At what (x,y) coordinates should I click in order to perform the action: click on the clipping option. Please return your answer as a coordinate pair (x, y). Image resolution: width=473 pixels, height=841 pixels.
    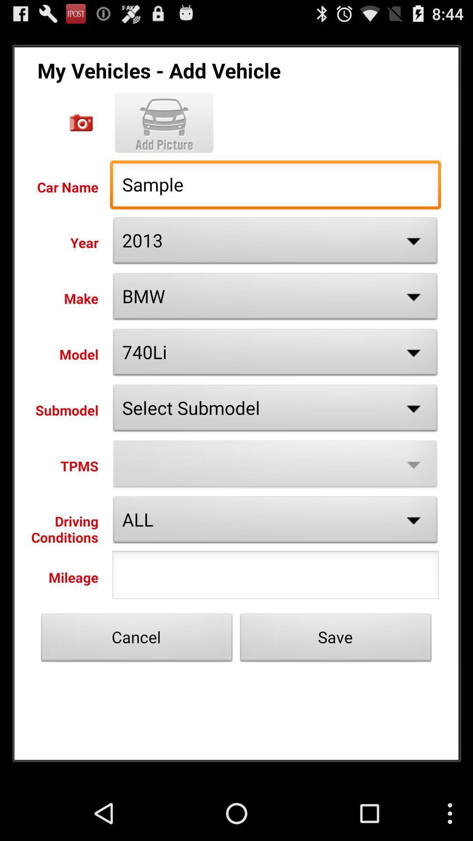
    Looking at the image, I should click on (81, 122).